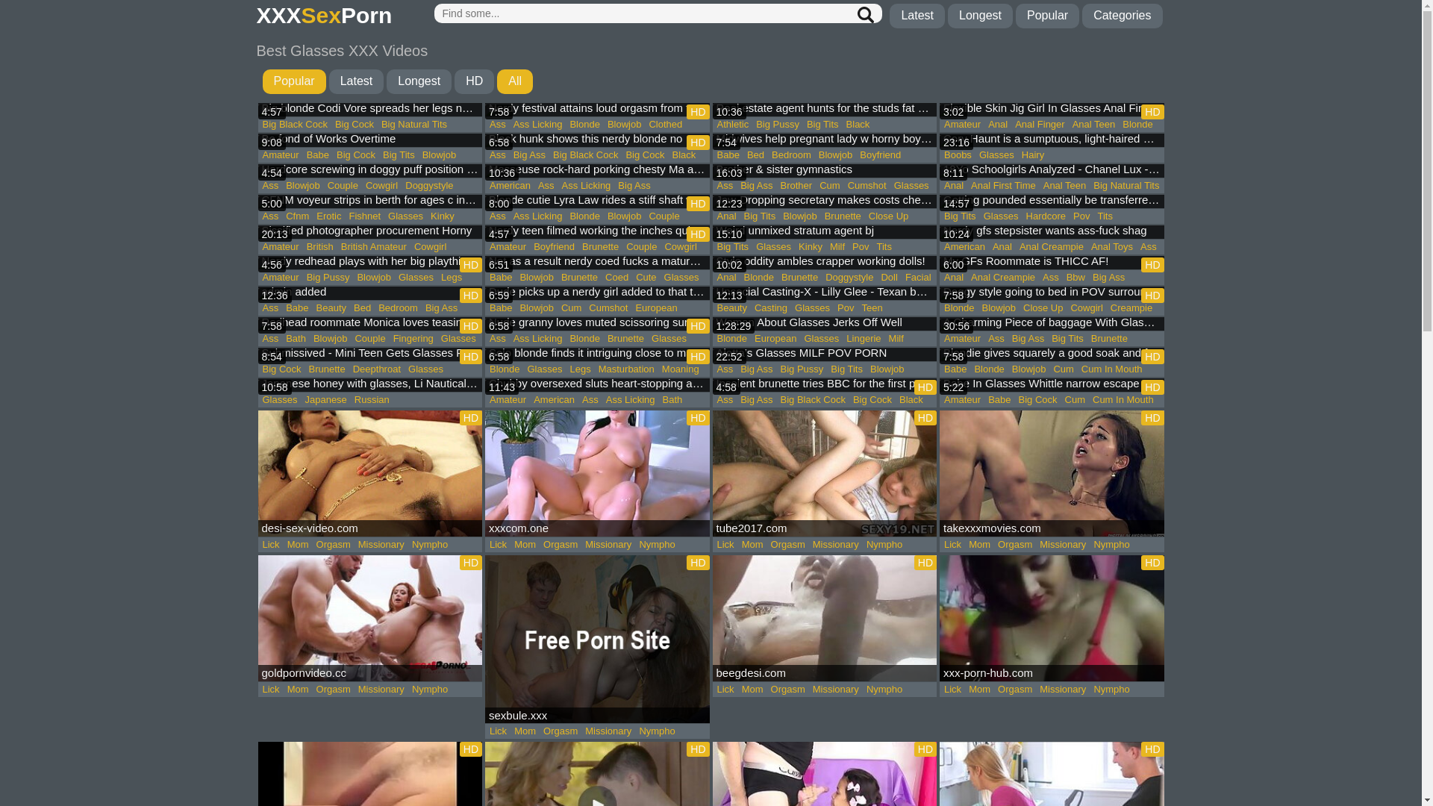 Image resolution: width=1433 pixels, height=806 pixels. Describe the element at coordinates (428, 185) in the screenshot. I see `'Doggystyle'` at that location.